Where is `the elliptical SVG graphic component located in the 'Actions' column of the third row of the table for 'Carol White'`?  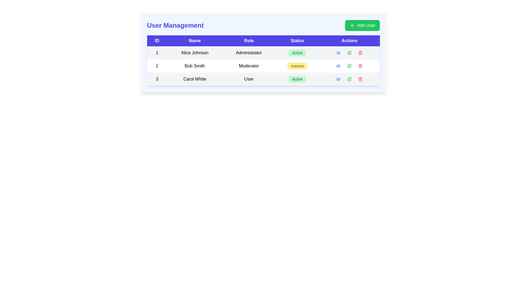
the elliptical SVG graphic component located in the 'Actions' column of the third row of the table for 'Carol White' is located at coordinates (338, 79).